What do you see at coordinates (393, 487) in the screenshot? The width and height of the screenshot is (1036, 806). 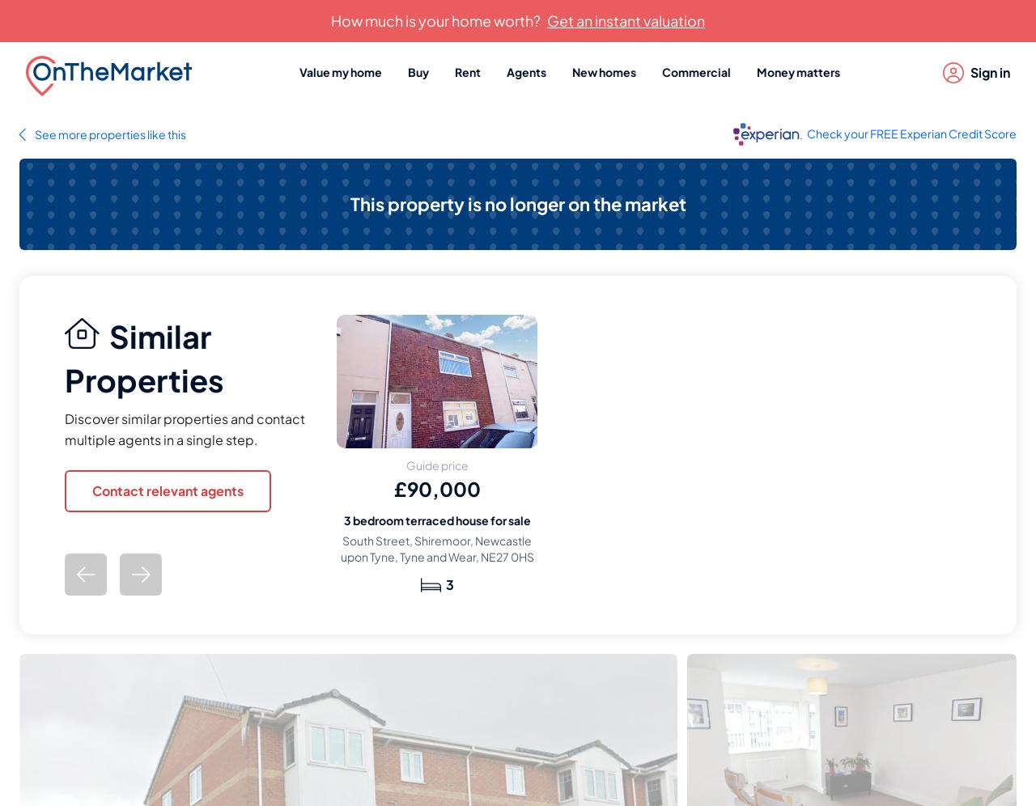 I see `'£90,000'` at bounding box center [393, 487].